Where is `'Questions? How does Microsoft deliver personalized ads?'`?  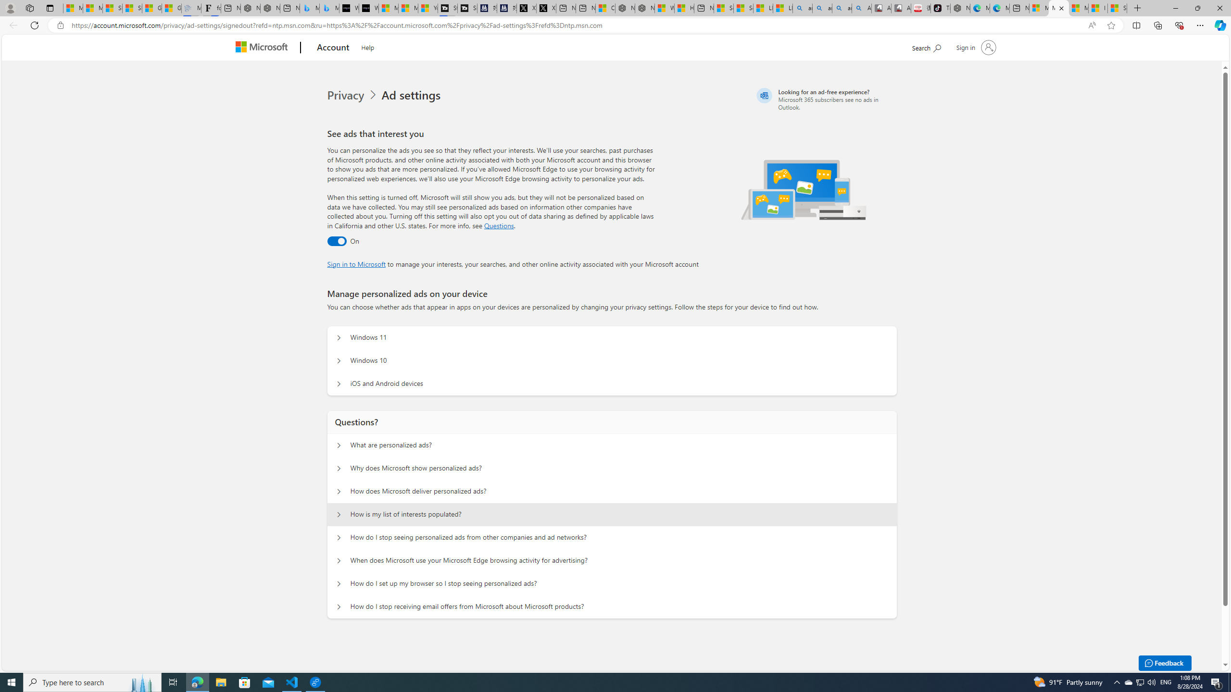 'Questions? How does Microsoft deliver personalized ads?' is located at coordinates (339, 491).